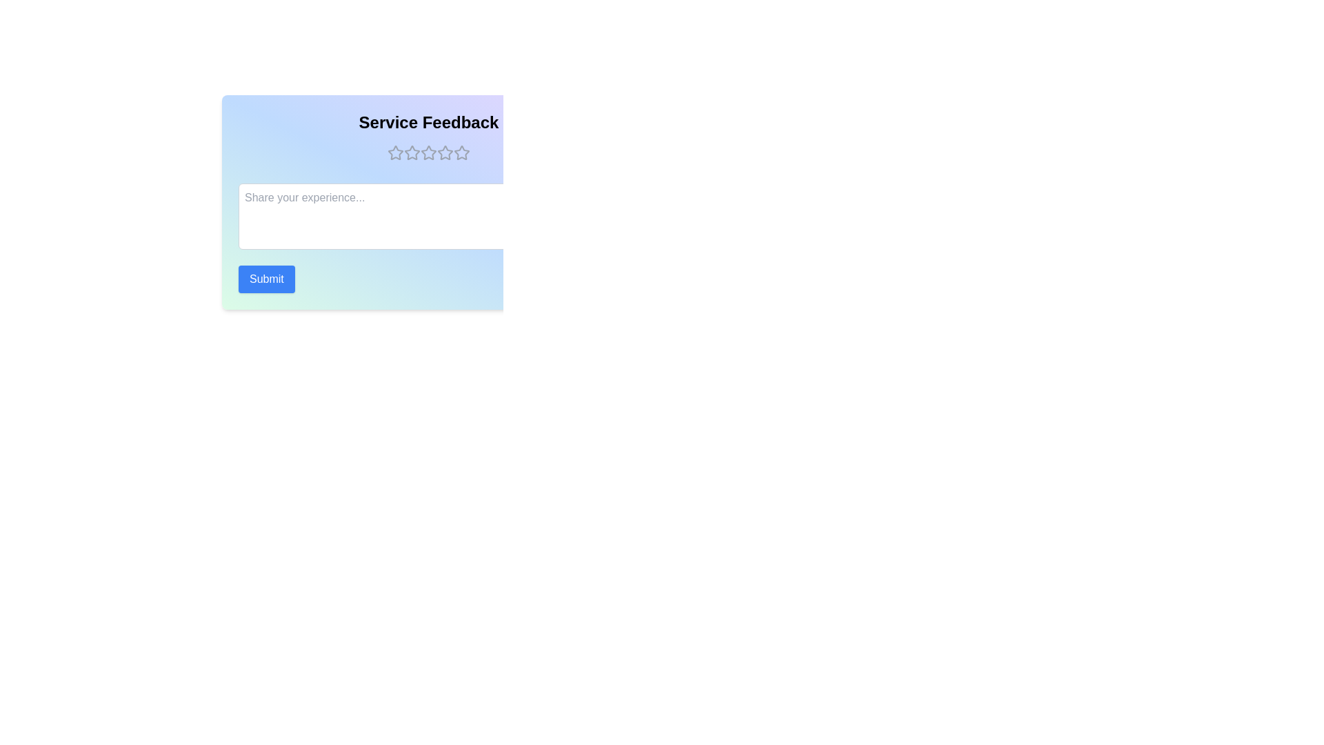 This screenshot has height=745, width=1324. What do you see at coordinates (266, 279) in the screenshot?
I see `the submit button to send feedback` at bounding box center [266, 279].